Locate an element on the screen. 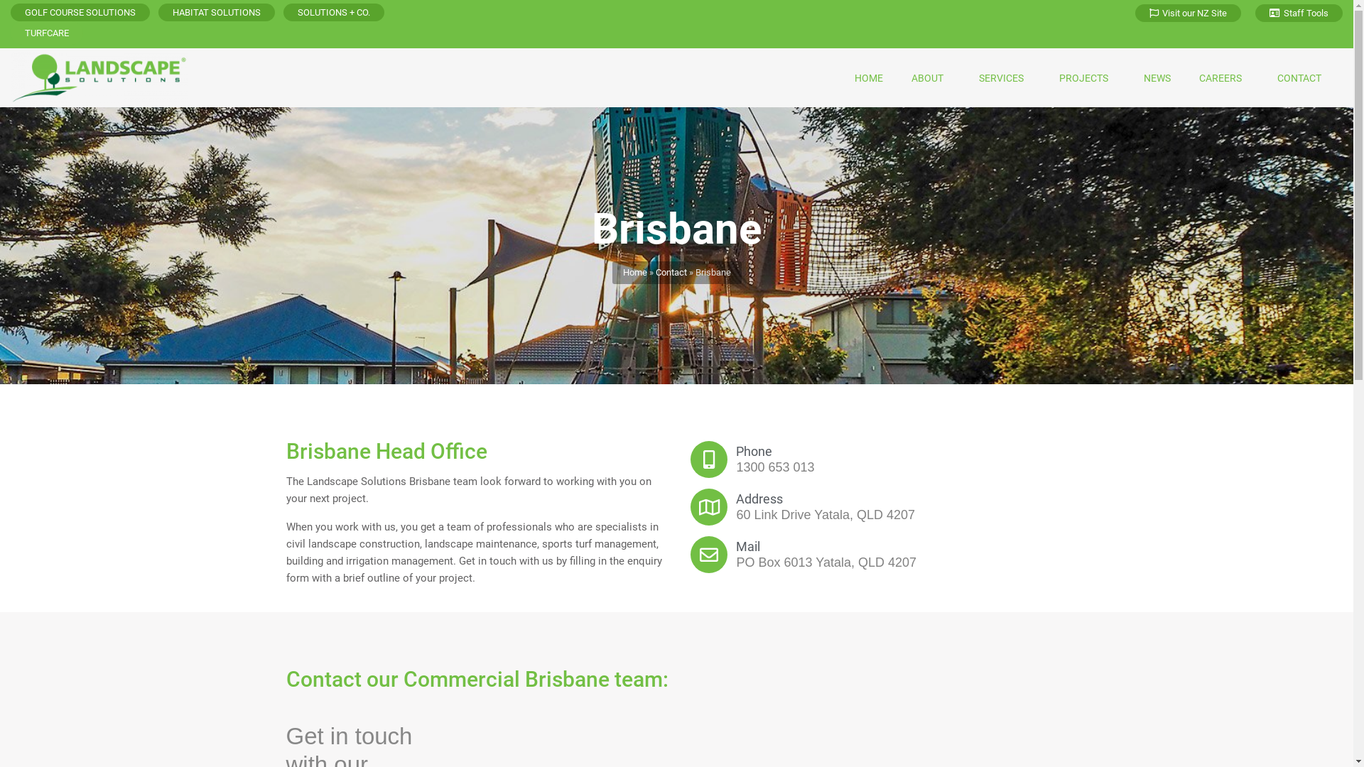 The image size is (1364, 767). 'TURFCARE' is located at coordinates (47, 32).